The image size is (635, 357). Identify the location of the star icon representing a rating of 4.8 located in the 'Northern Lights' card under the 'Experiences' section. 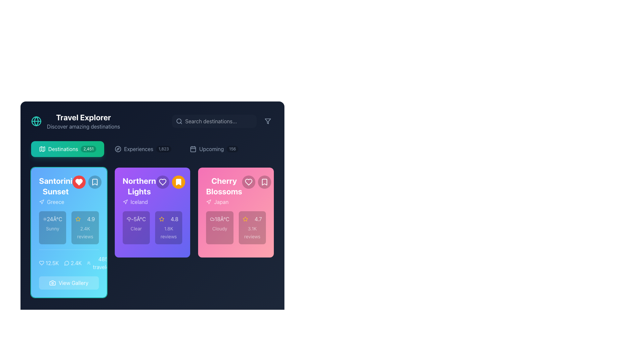
(162, 219).